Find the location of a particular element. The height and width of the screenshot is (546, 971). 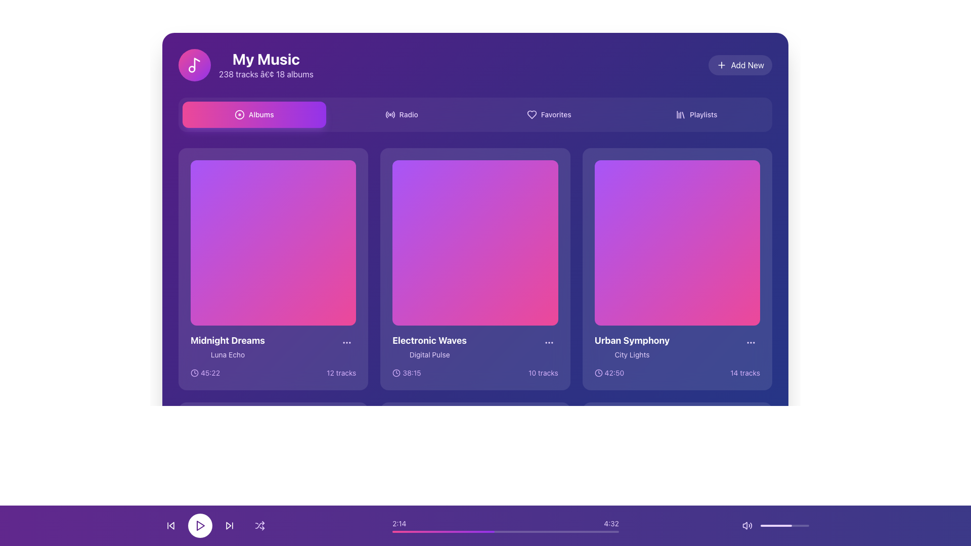

the button icon with three vertically aligned dots located at the top-right corner of the 'Urban Symphony - City Lights' card to show context-specific features is located at coordinates (751, 342).